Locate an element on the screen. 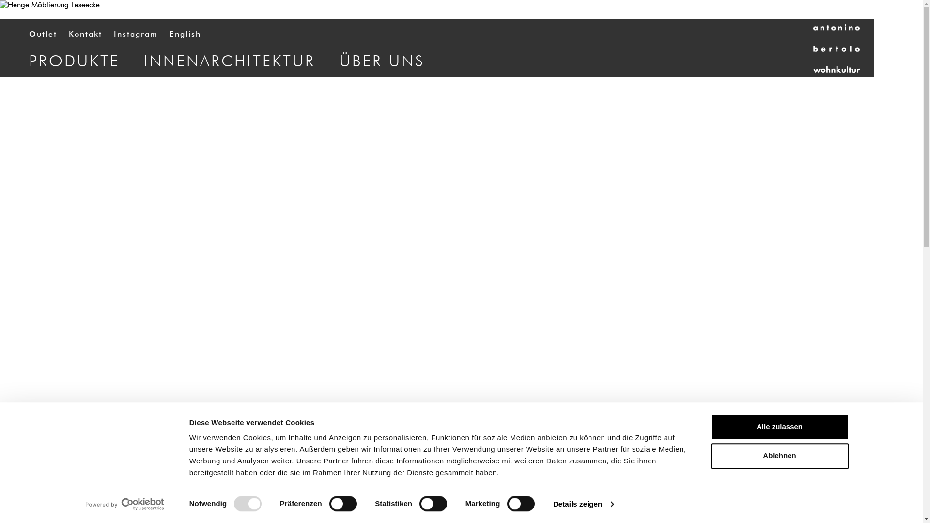  'Alle zulassen' is located at coordinates (779, 426).